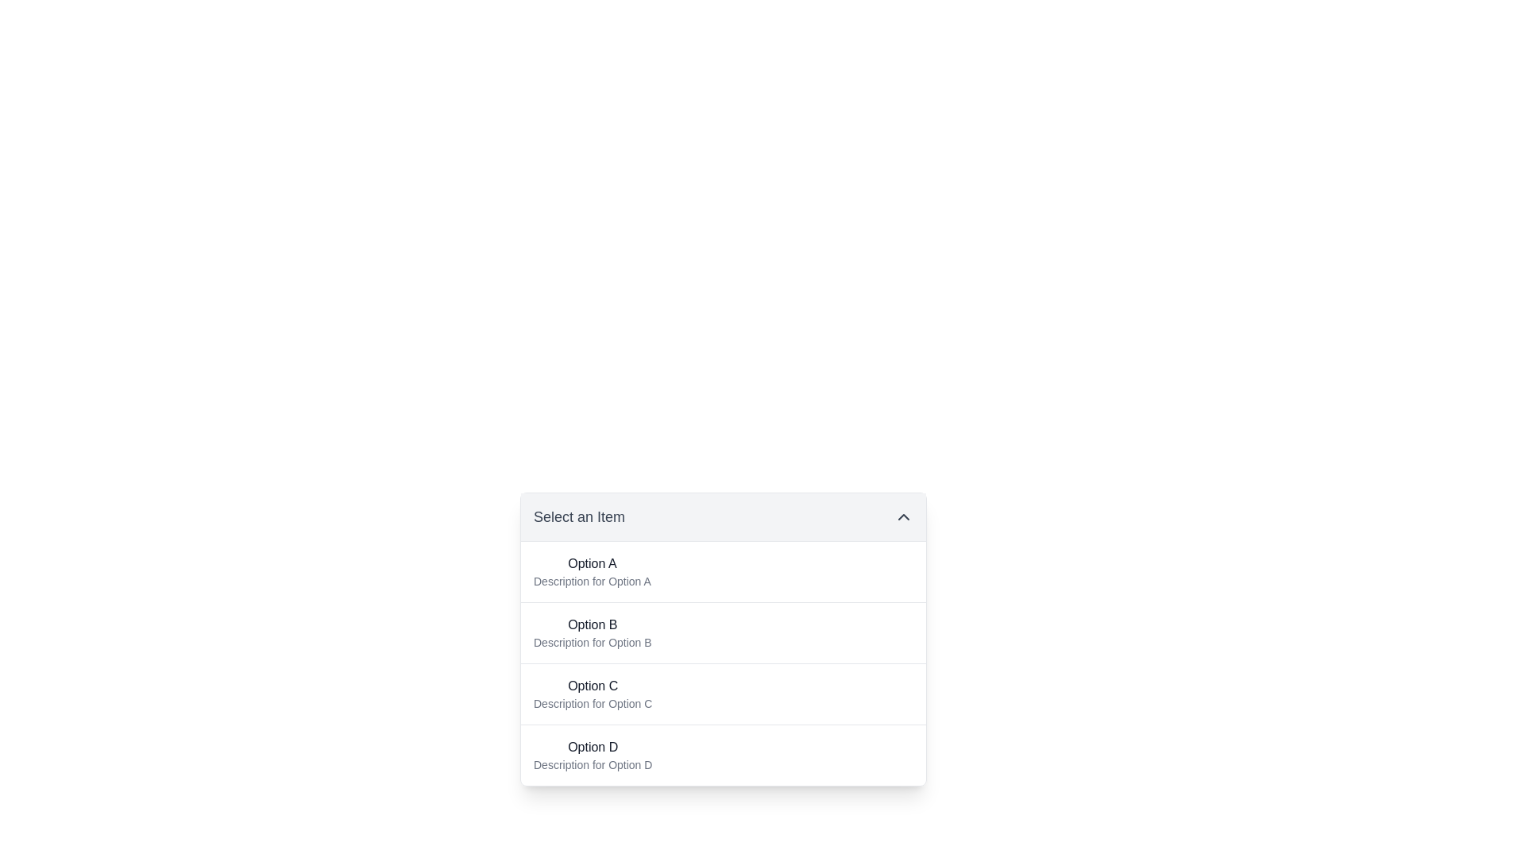  What do you see at coordinates (578, 517) in the screenshot?
I see `the label indicating the current state or prompt of the dropdown menu, which is centrally placed above the chevron icon` at bounding box center [578, 517].